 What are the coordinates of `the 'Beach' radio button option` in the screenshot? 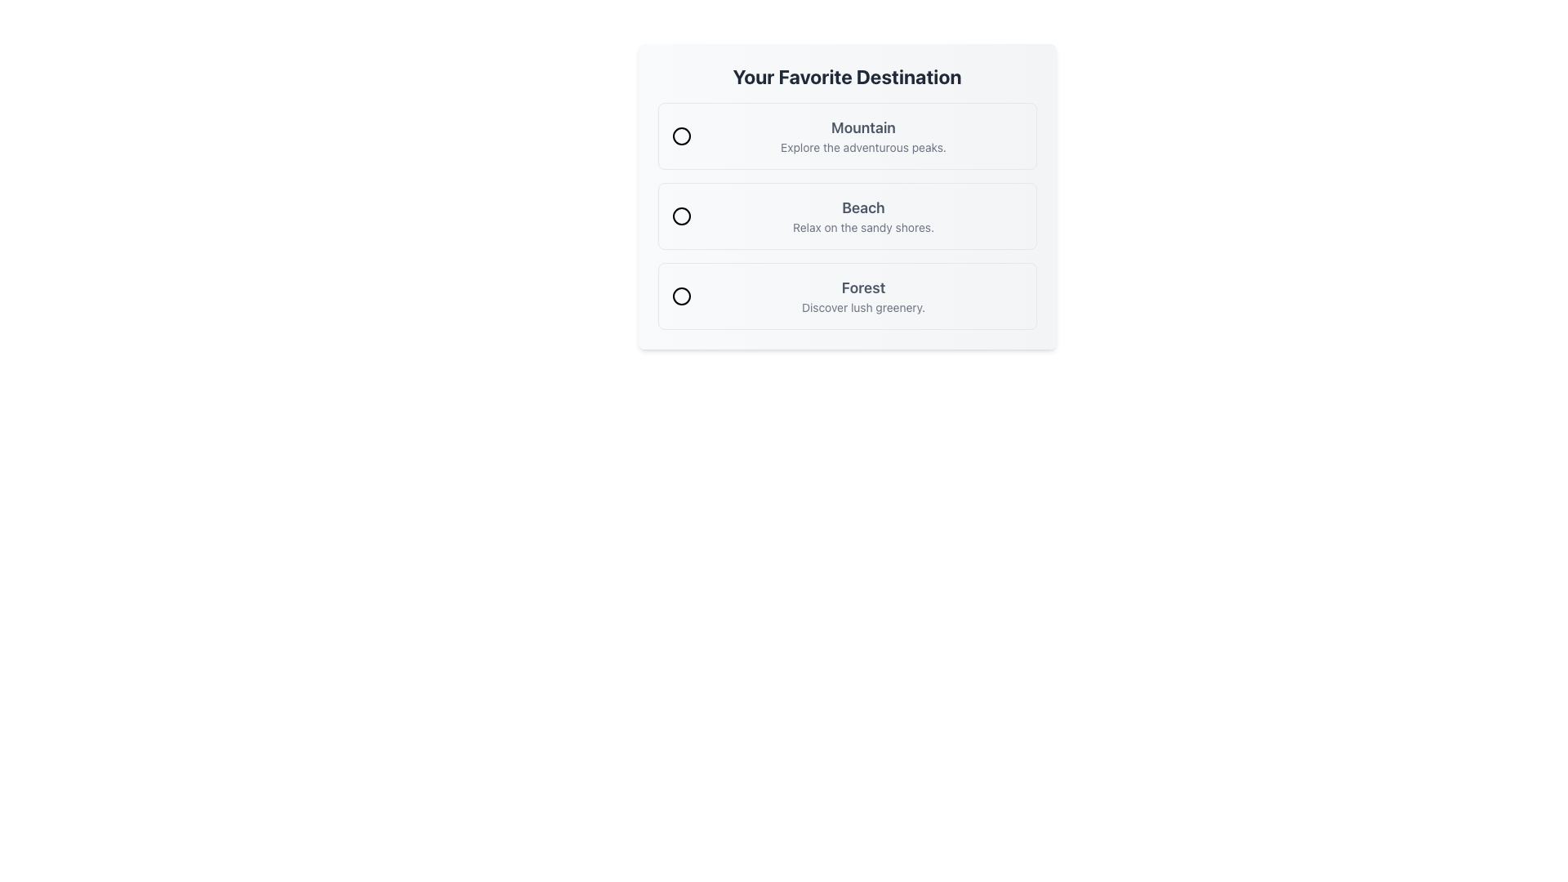 It's located at (847, 216).